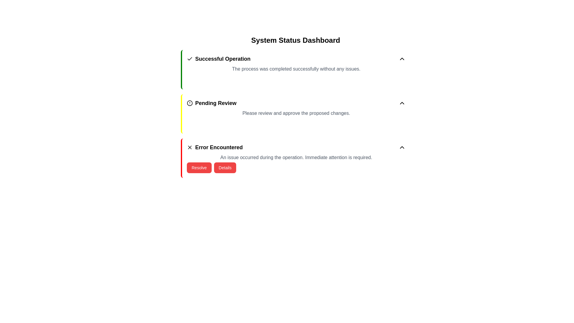  What do you see at coordinates (189, 147) in the screenshot?
I see `the error status icon located in the 'Error Encountered' section at the bottom of the status dashboard, which is situated to the left of the accompanying text` at bounding box center [189, 147].